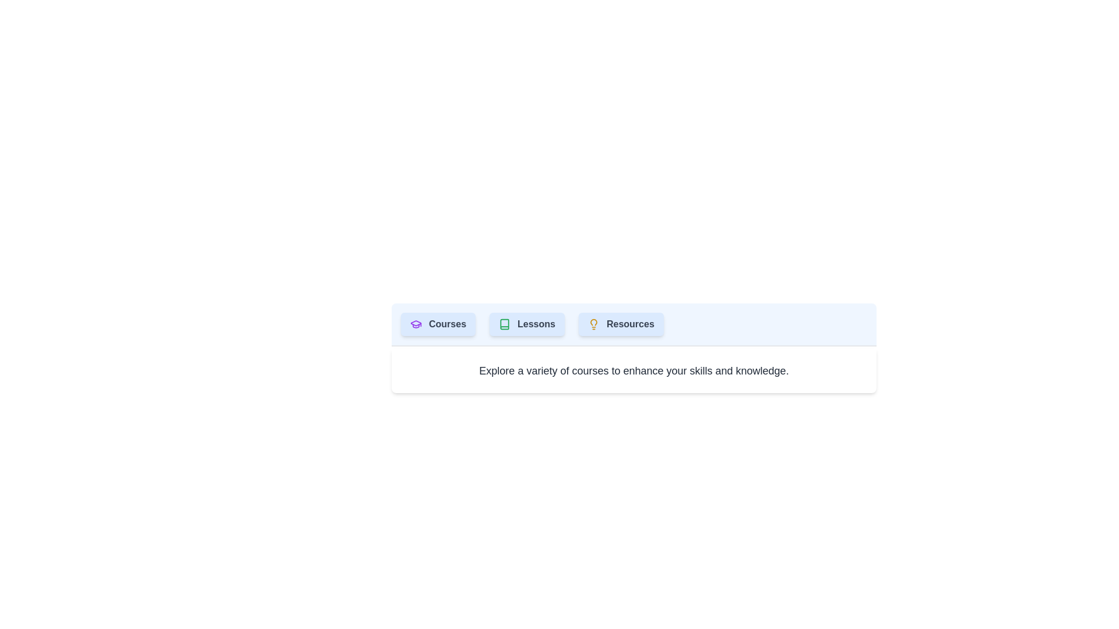 Image resolution: width=1119 pixels, height=629 pixels. What do you see at coordinates (620, 324) in the screenshot?
I see `the tab labeled Resources to view its content` at bounding box center [620, 324].